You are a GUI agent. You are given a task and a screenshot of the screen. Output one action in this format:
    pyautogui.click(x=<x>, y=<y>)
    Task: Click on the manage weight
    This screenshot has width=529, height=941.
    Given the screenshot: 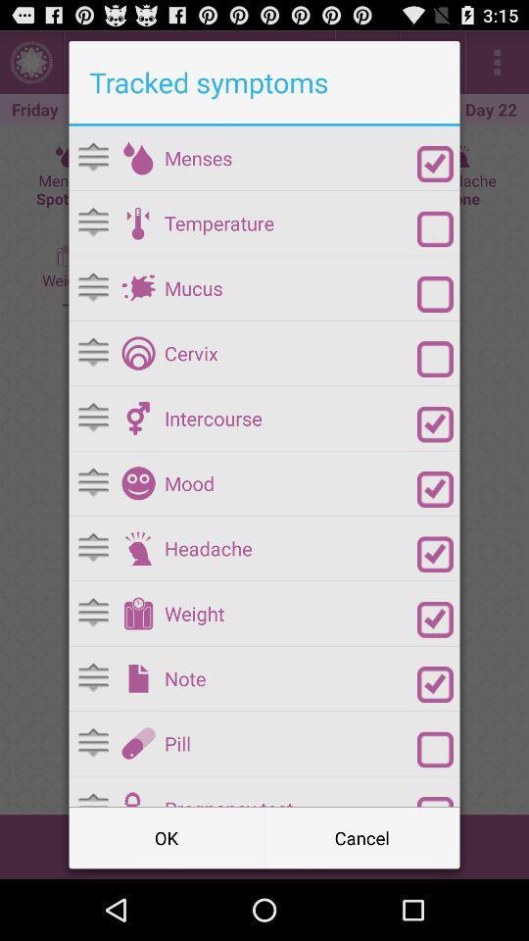 What is the action you would take?
    pyautogui.click(x=137, y=613)
    